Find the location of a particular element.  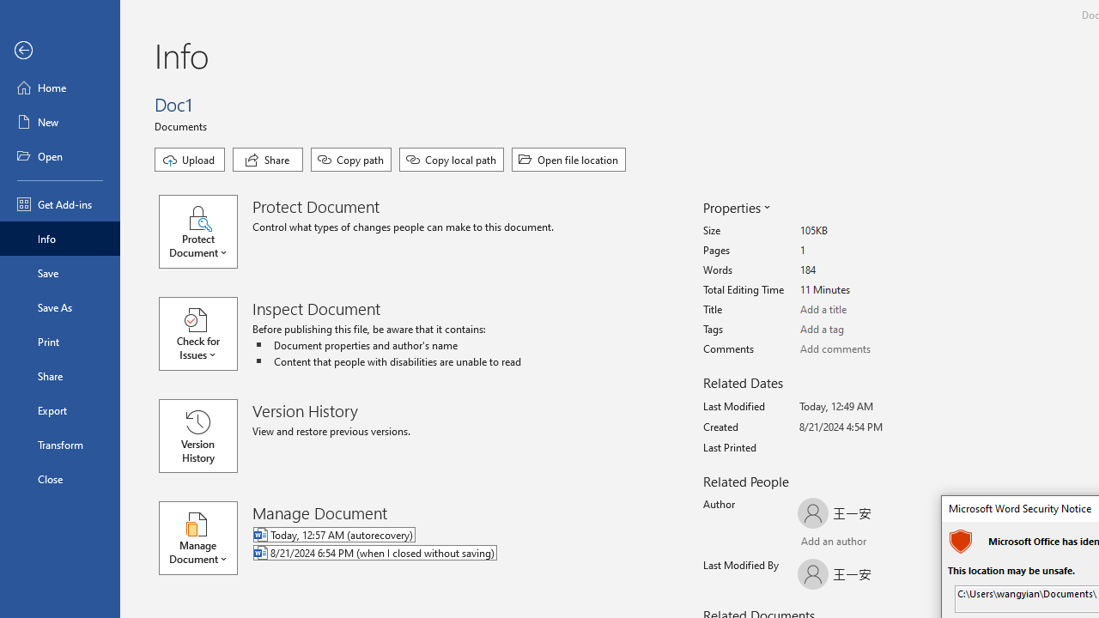

'Export' is located at coordinates (59, 410).